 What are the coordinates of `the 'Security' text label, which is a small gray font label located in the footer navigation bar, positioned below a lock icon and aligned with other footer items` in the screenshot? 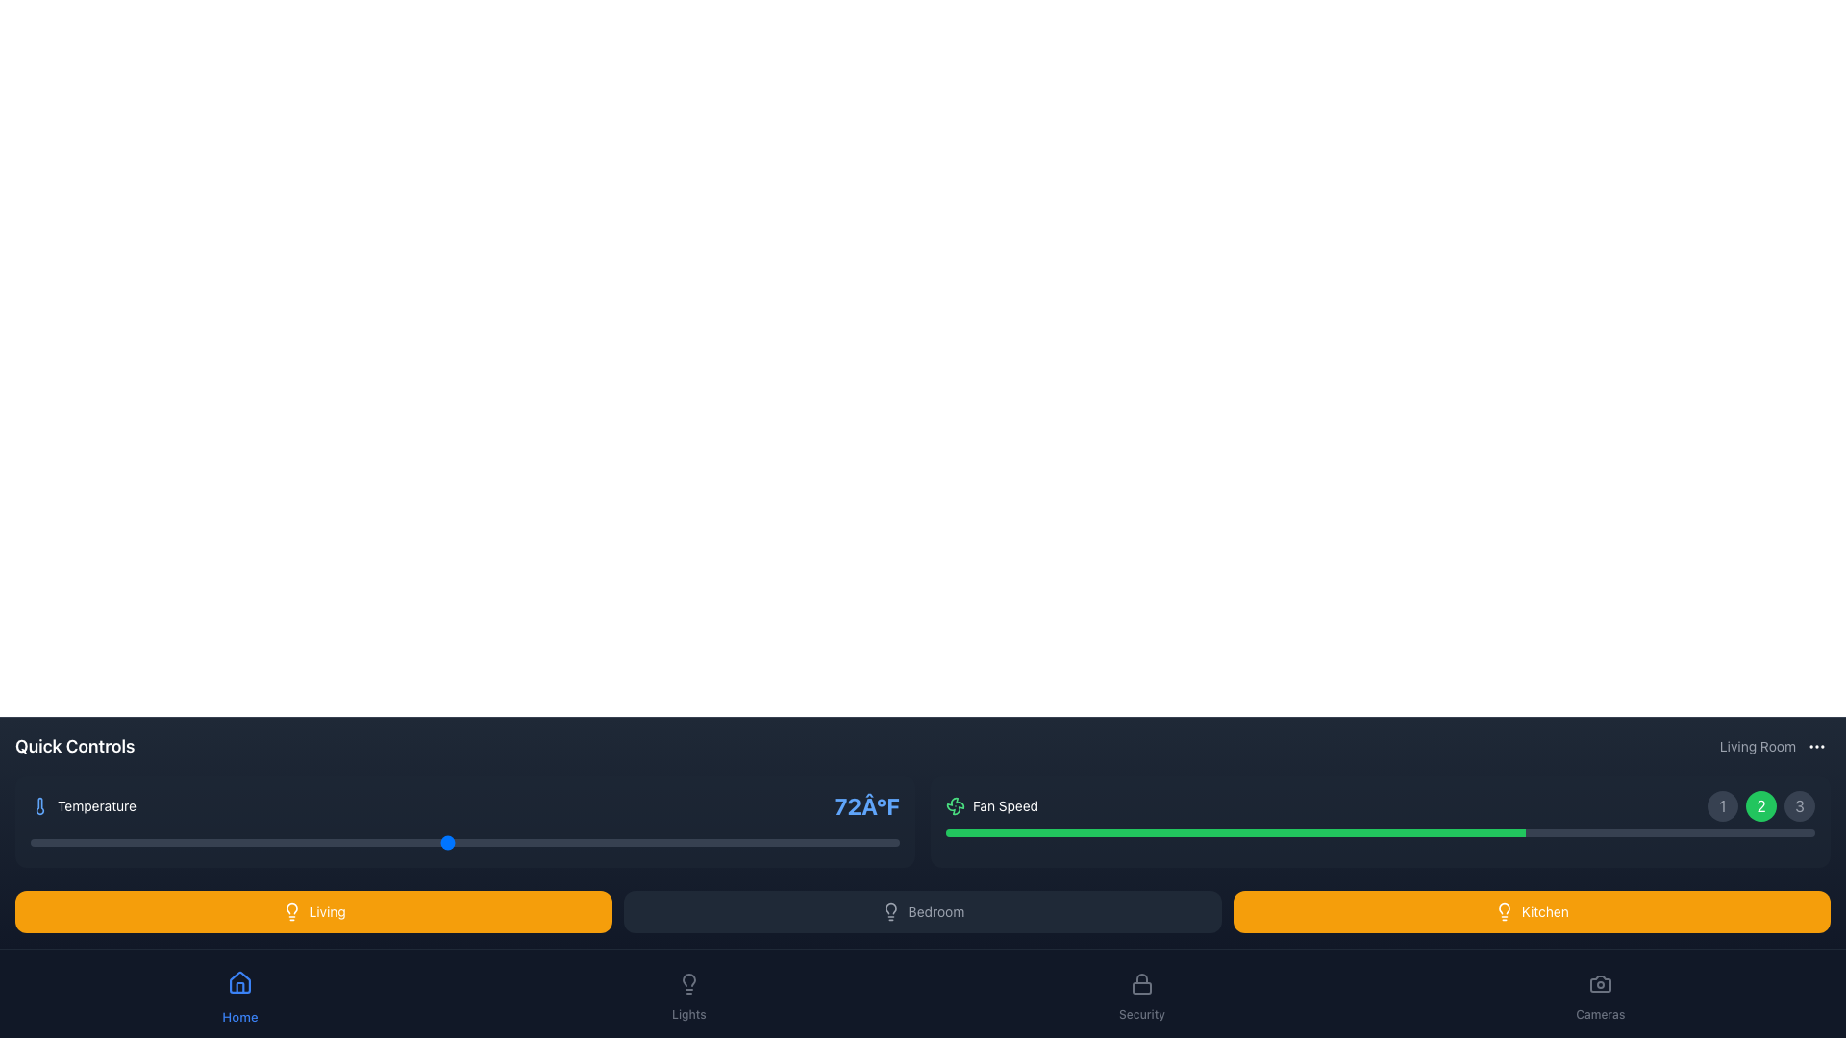 It's located at (1142, 1014).